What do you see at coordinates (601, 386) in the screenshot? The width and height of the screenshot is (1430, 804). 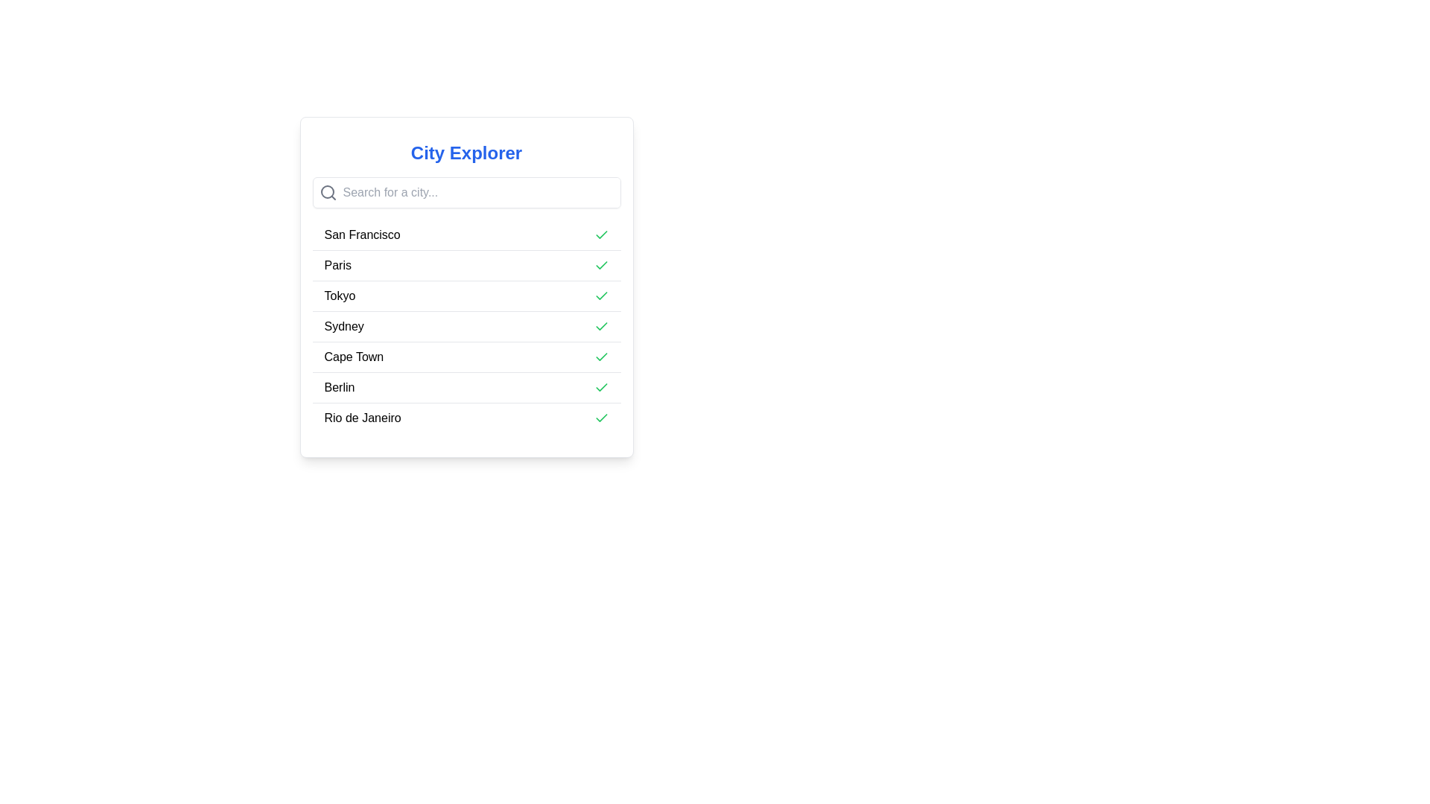 I see `the visual indicator icon for the city 'Berlin'` at bounding box center [601, 386].